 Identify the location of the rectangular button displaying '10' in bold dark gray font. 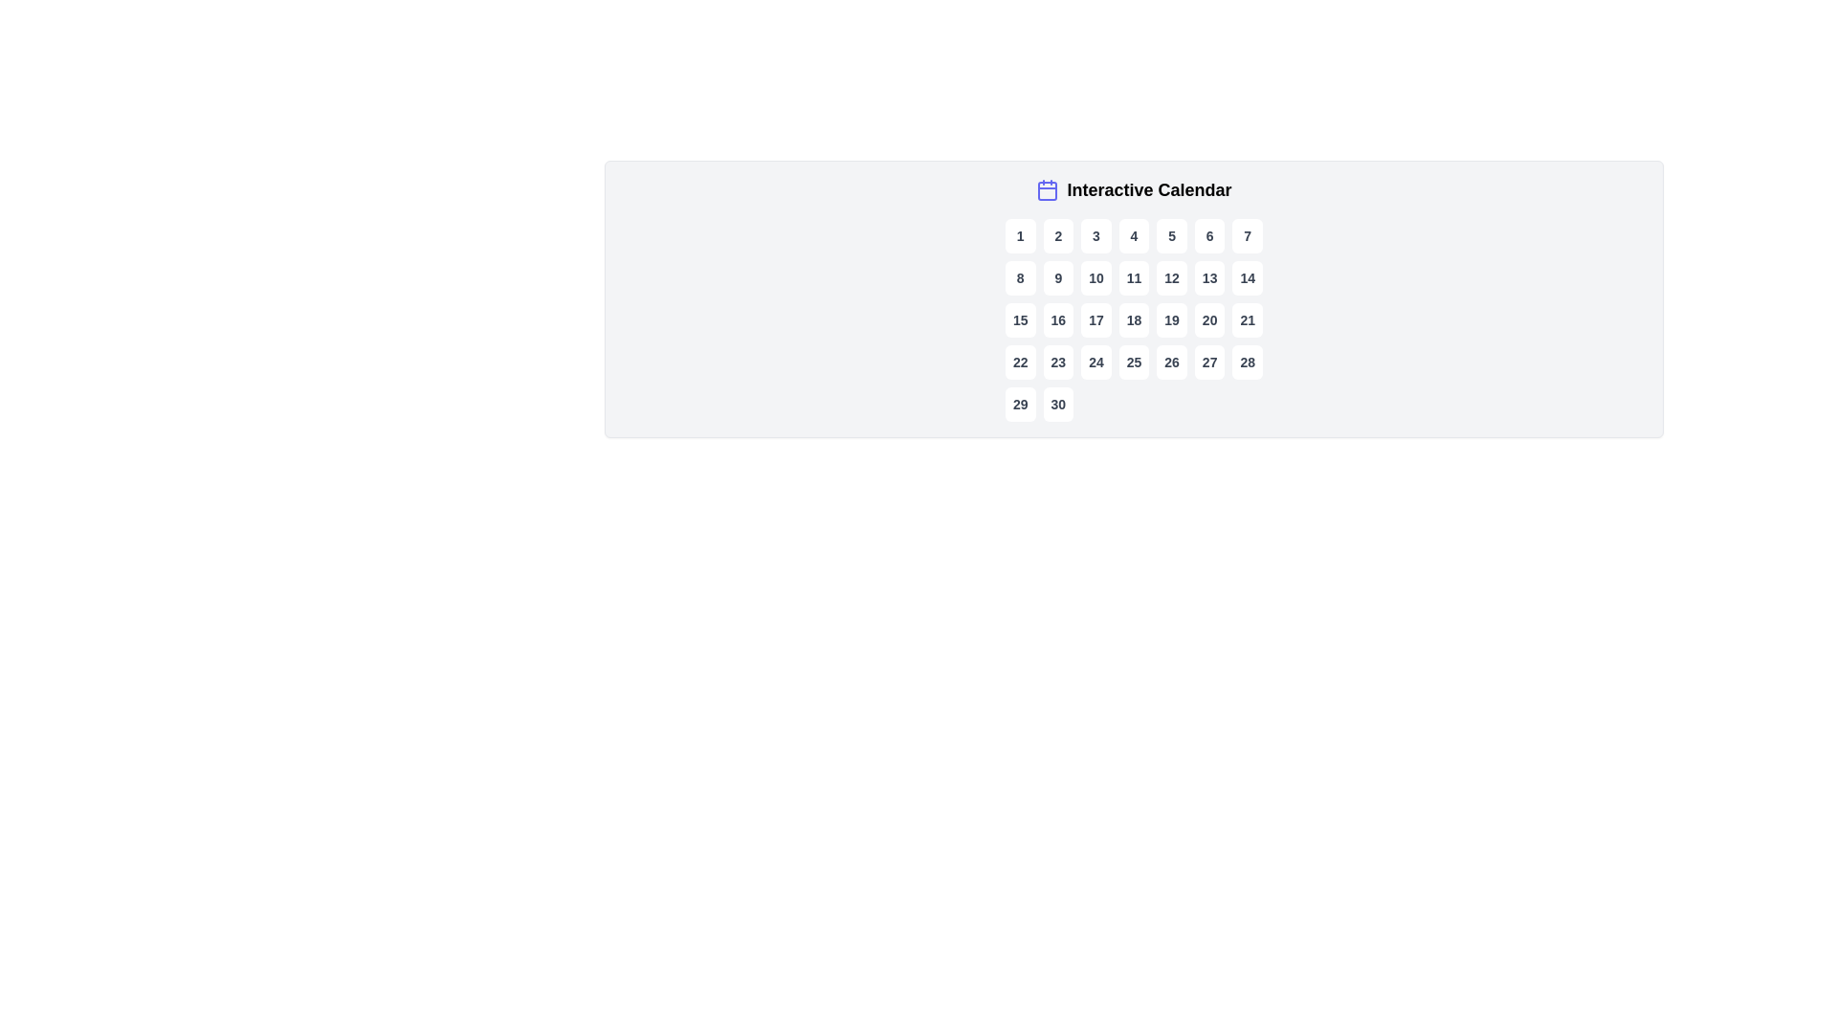
(1096, 277).